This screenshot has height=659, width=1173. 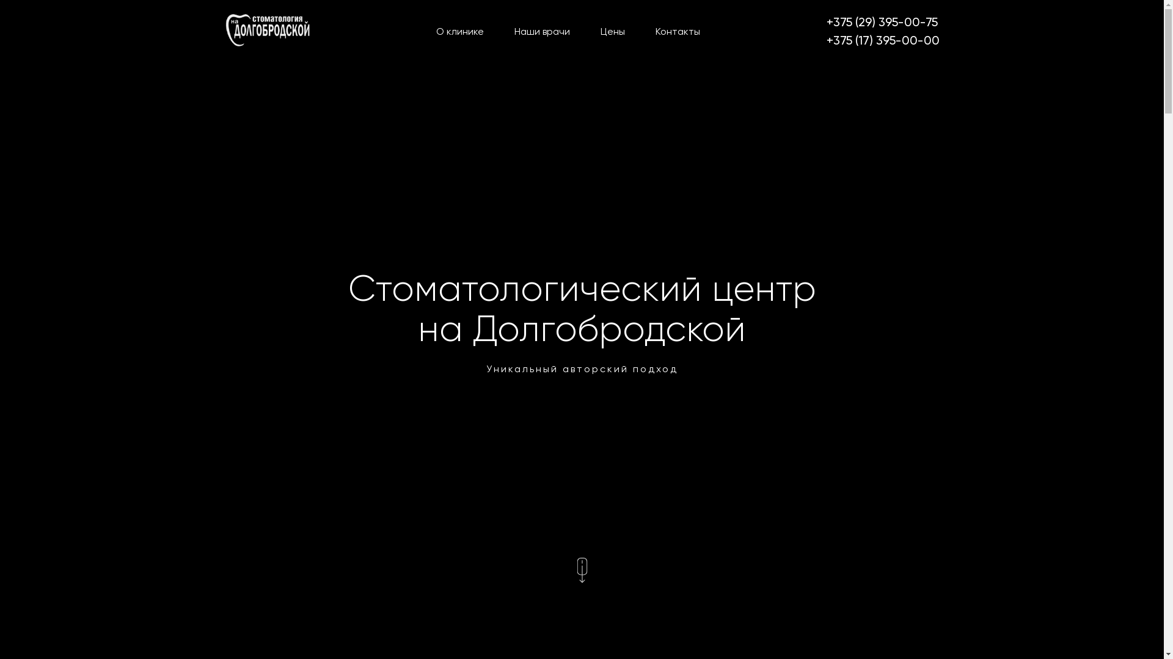 What do you see at coordinates (826, 39) in the screenshot?
I see `'+375 (17) 395-00-00'` at bounding box center [826, 39].